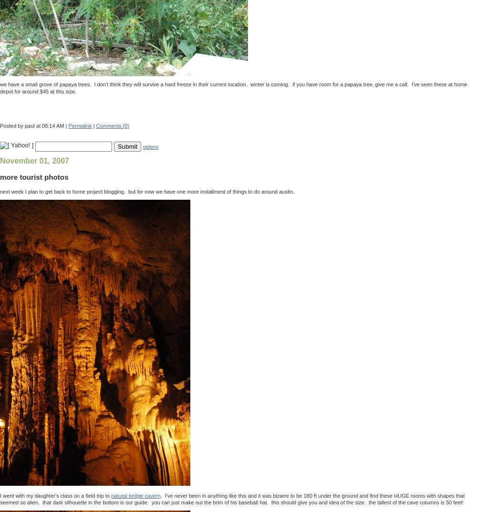 The image size is (477, 512). Describe the element at coordinates (233, 87) in the screenshot. I see `'we have a small grove of papaya trees.  I don't think they will survive a hard freeze in their current location.  winter is coming.  if you have room for a papaya tree, give me a call.  I've seen these at home depot for around $45 at this size.'` at that location.